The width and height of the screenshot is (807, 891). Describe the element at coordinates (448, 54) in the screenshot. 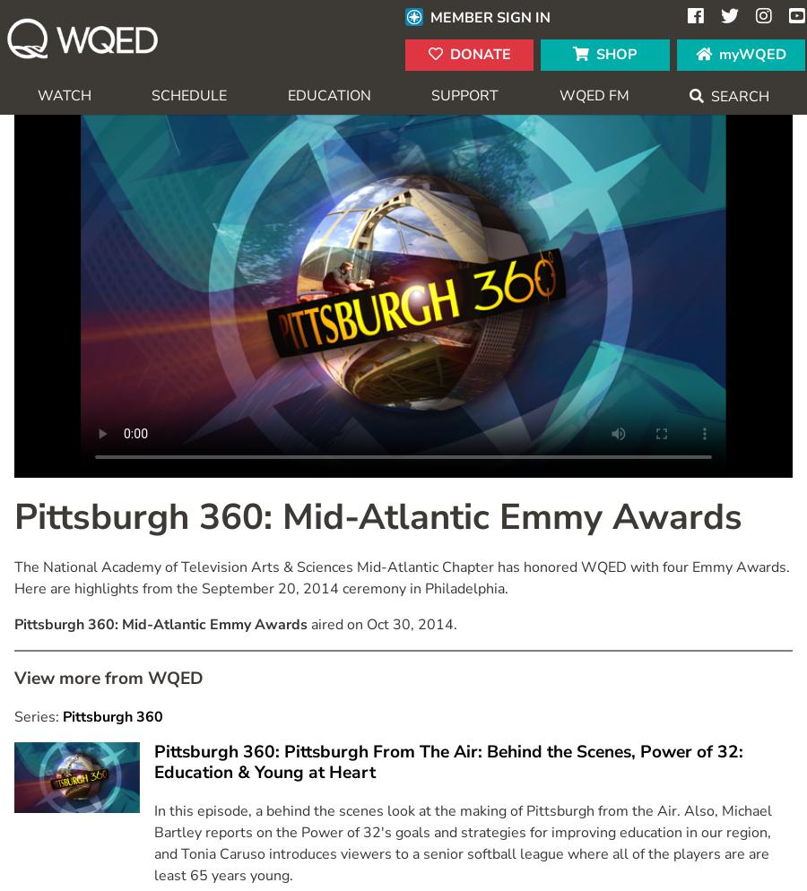

I see `'Donate'` at that location.